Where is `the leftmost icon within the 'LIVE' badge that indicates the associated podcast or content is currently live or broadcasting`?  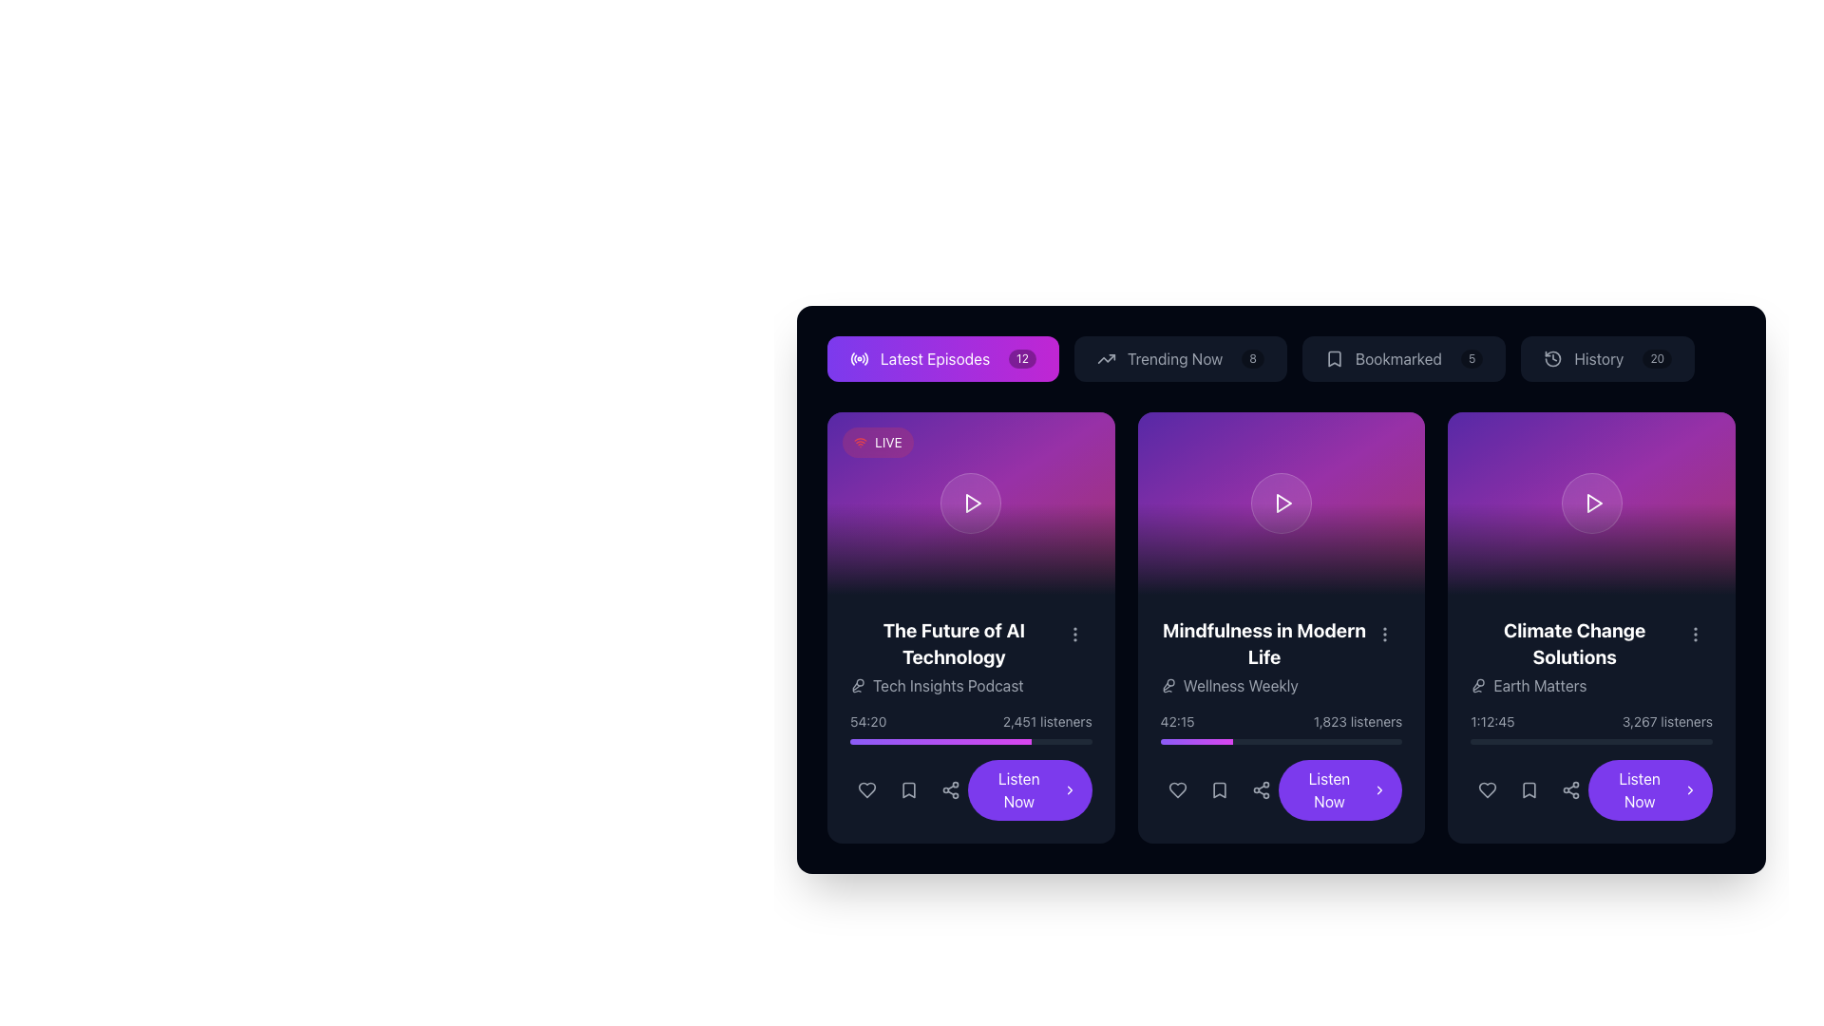 the leftmost icon within the 'LIVE' badge that indicates the associated podcast or content is currently live or broadcasting is located at coordinates (860, 443).